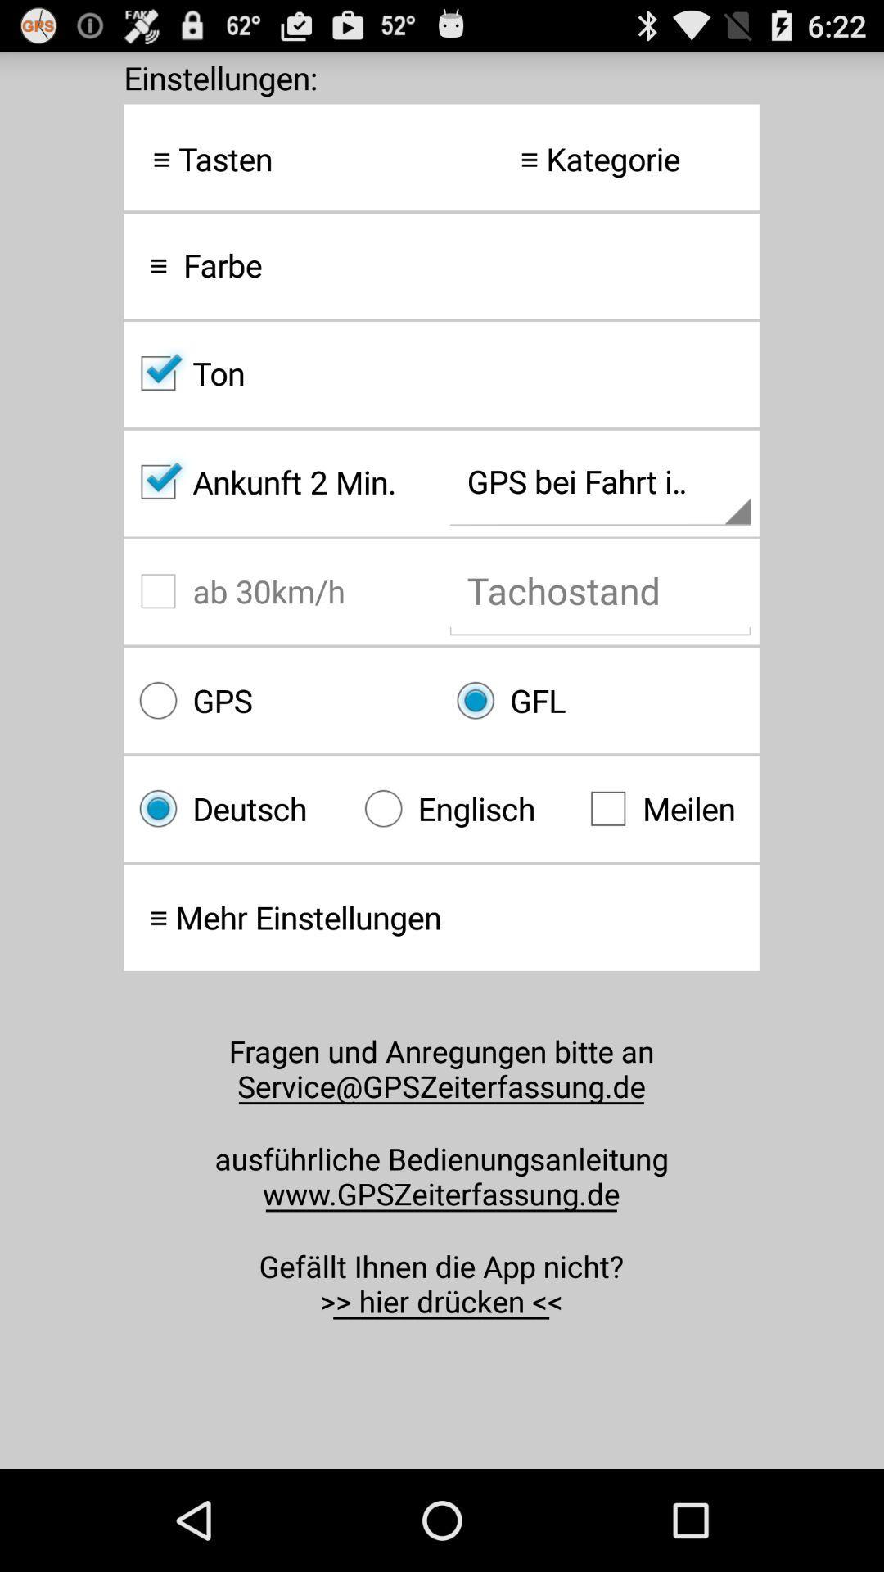 Image resolution: width=884 pixels, height=1572 pixels. I want to click on item next to ab 30km/h icon, so click(600, 700).